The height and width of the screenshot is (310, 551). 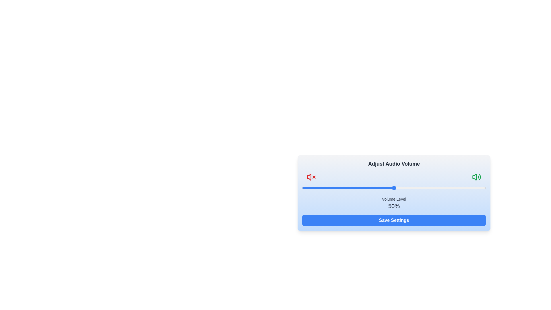 What do you see at coordinates (476, 177) in the screenshot?
I see `the volume icon to toggle its state` at bounding box center [476, 177].